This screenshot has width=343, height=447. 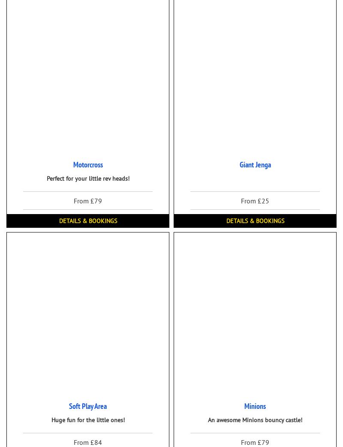 I want to click on 'From £84', so click(x=87, y=441).